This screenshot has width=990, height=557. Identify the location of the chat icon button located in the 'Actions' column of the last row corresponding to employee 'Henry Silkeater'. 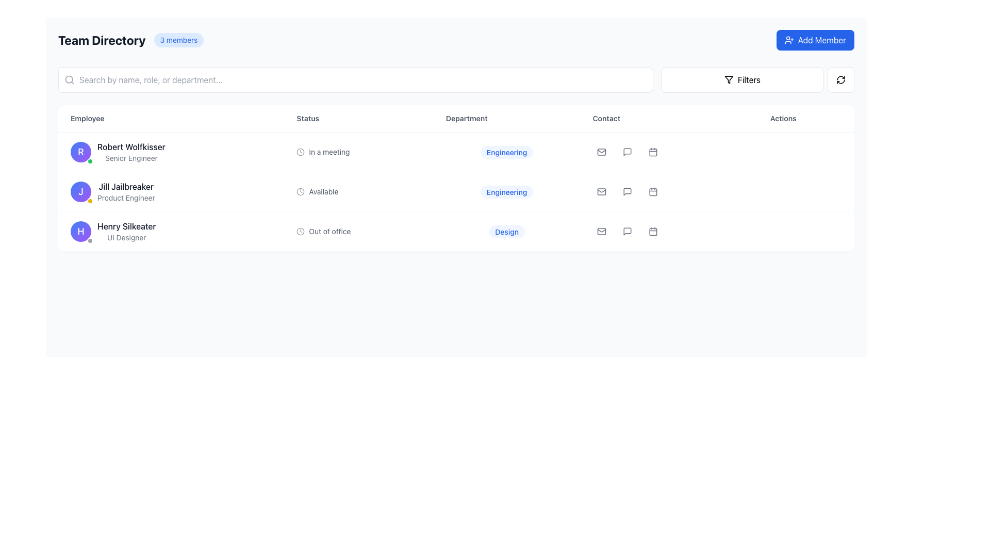
(626, 231).